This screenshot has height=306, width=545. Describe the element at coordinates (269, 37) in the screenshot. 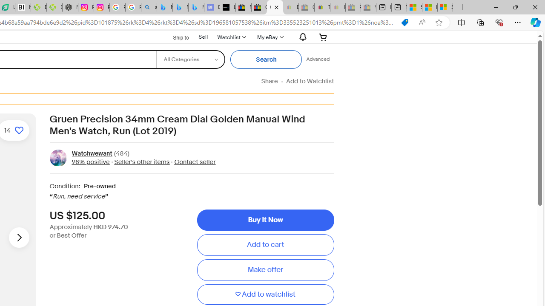

I see `'My eBay'` at that location.